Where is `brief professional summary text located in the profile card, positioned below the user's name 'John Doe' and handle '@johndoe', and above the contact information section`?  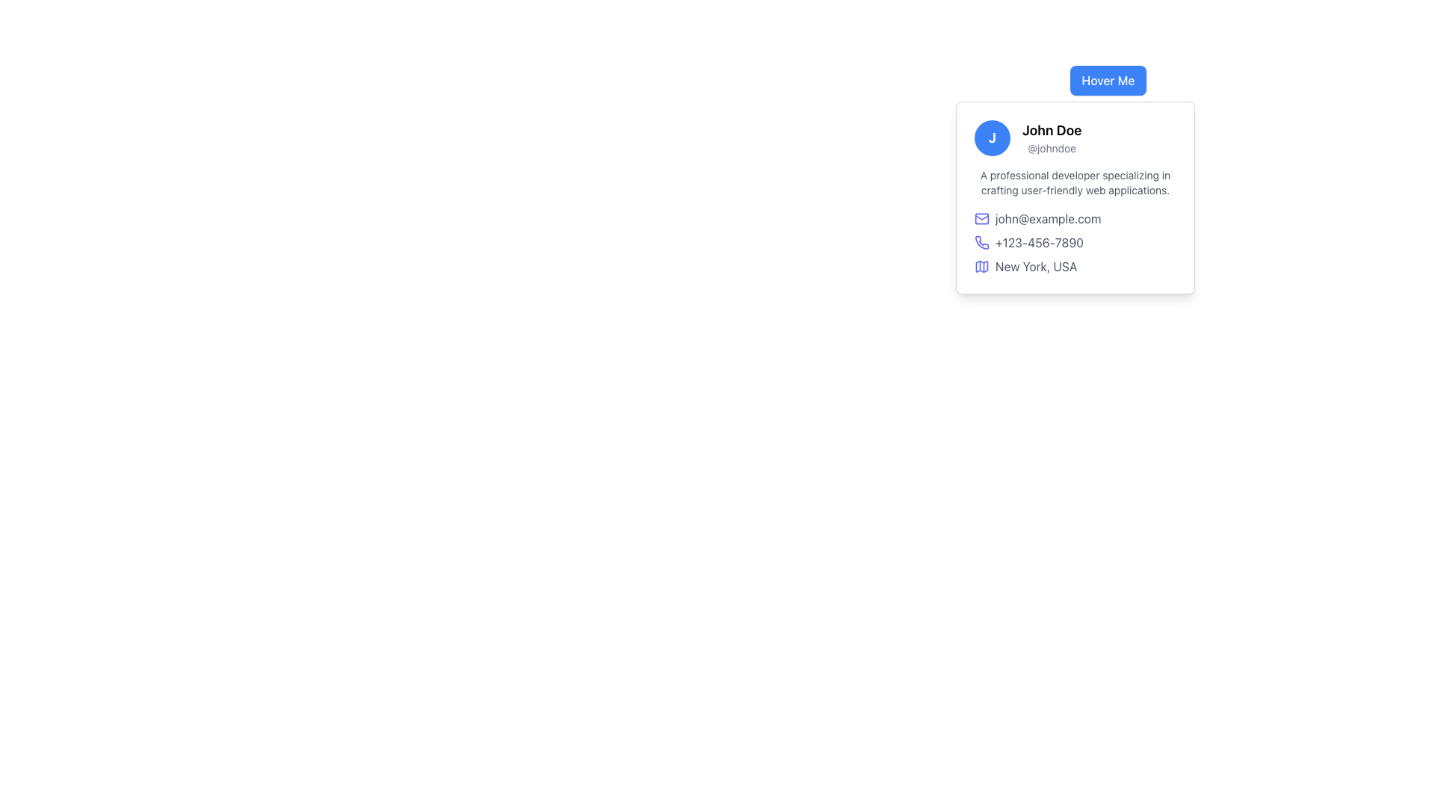 brief professional summary text located in the profile card, positioned below the user's name 'John Doe' and handle '@johndoe', and above the contact information section is located at coordinates (1075, 182).